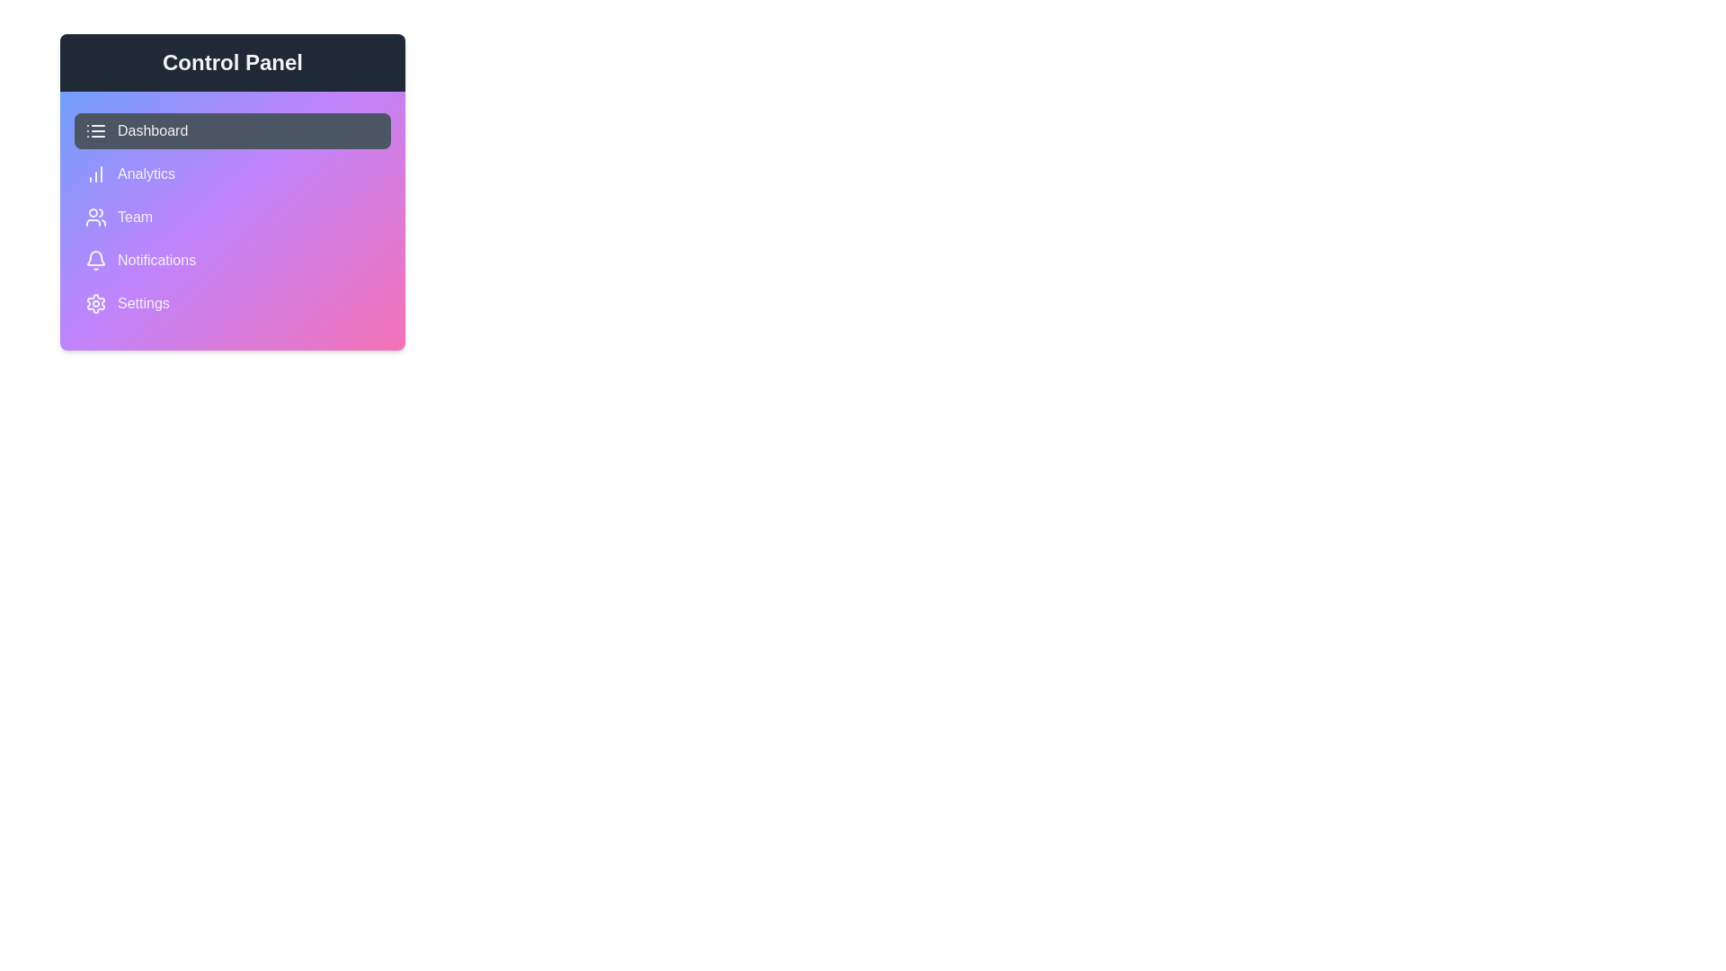  Describe the element at coordinates (147, 174) in the screenshot. I see `the 'Analytics' text label, styled with medium font weight and white color, which is the second item in the navigation list with a gradient background, located below the 'Dashboard' entry` at that location.